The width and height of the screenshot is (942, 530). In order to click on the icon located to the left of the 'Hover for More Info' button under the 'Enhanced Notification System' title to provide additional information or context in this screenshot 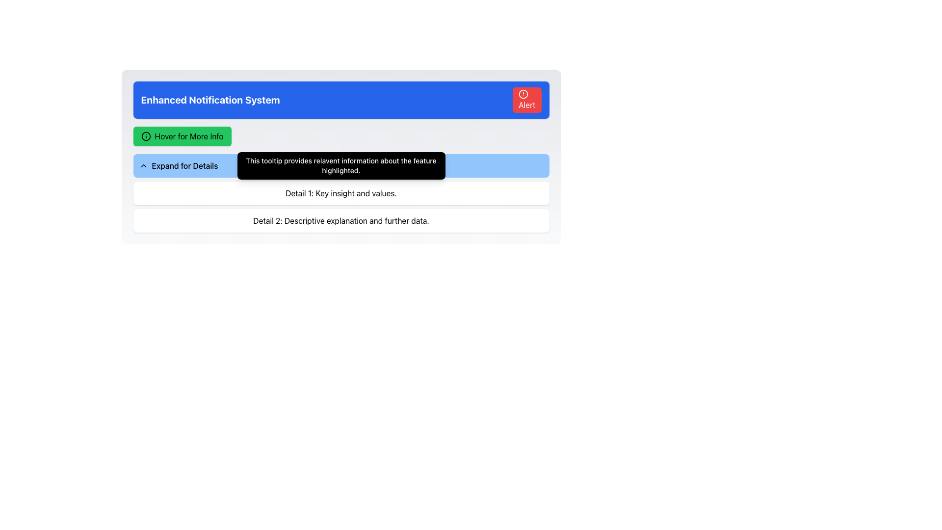, I will do `click(145, 136)`.